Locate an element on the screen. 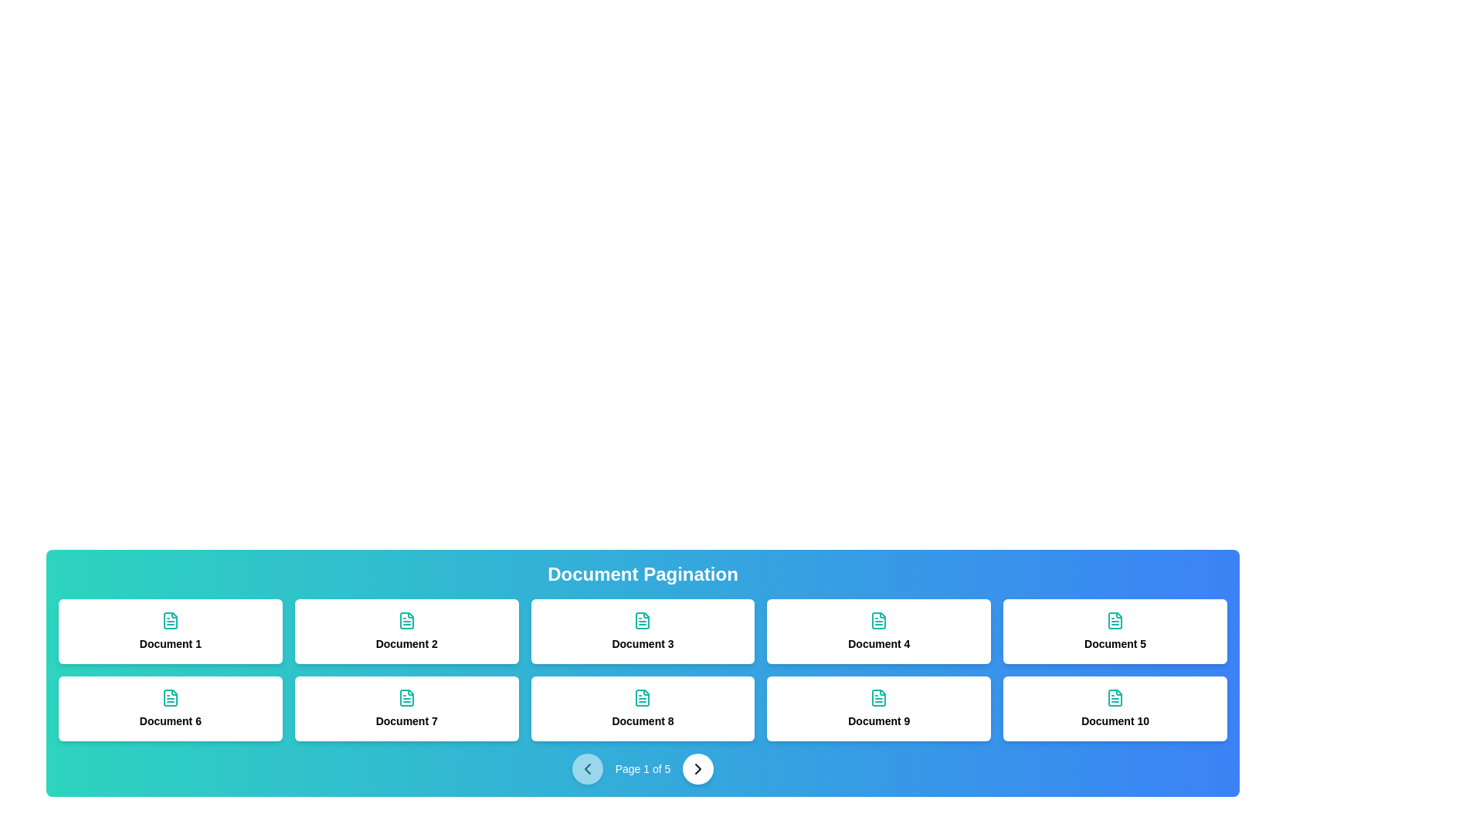 The width and height of the screenshot is (1483, 834). the first document card in the grid layout, which represents a document and provides access to its content or related actions is located at coordinates (170, 631).